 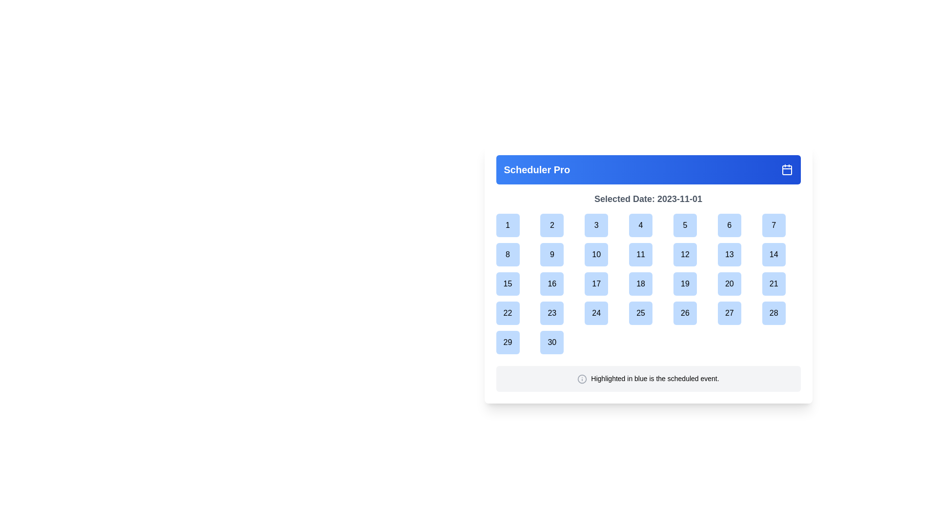 I want to click on the 25th date button in the calendar grid, so click(x=641, y=313).